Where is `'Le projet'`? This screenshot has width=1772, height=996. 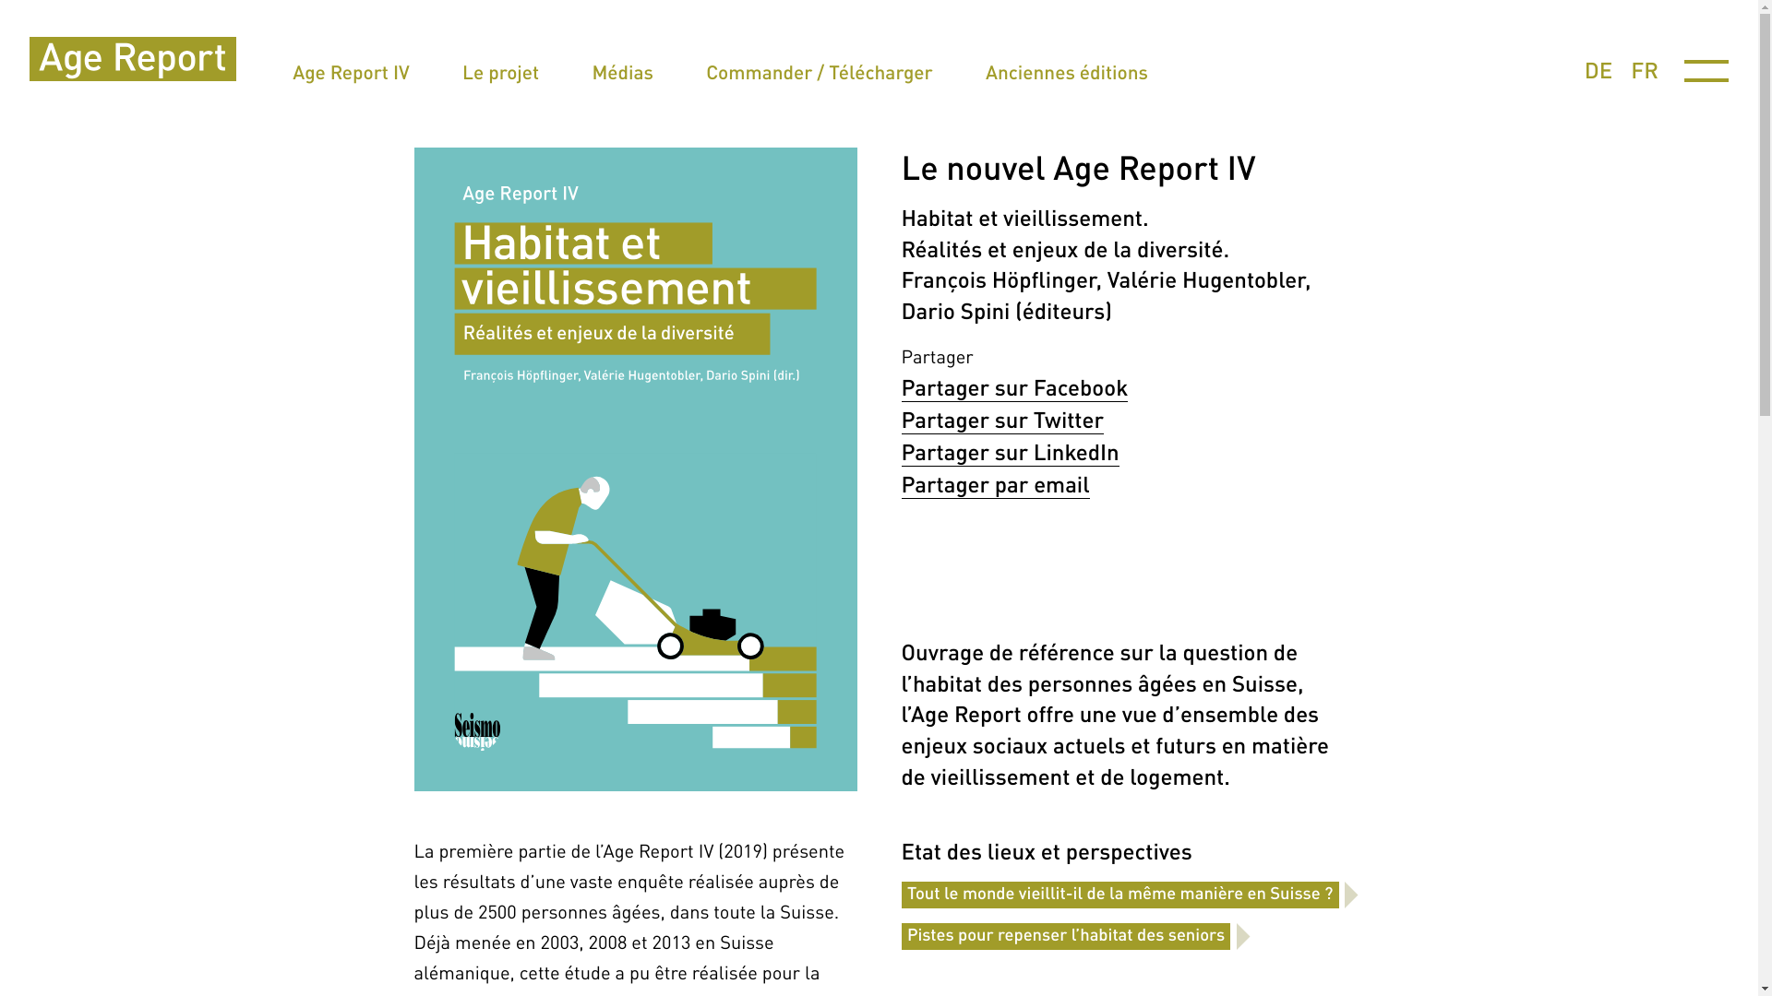
'Le projet' is located at coordinates (500, 70).